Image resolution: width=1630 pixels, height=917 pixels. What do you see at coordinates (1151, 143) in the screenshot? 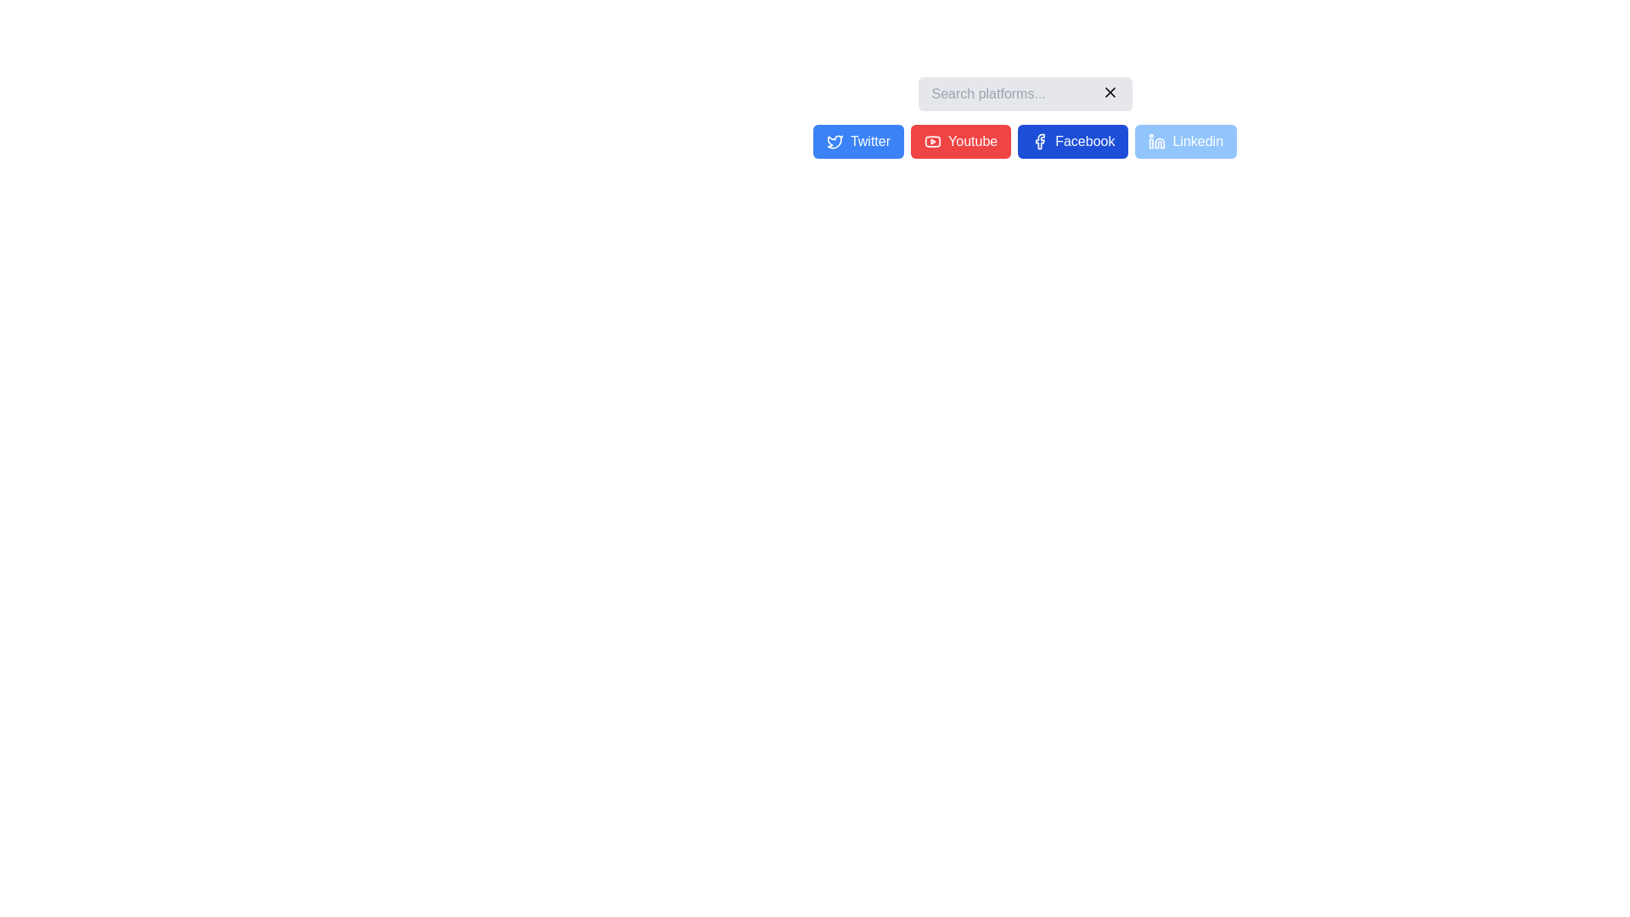
I see `the middle SVG rectangle of the LinkedIn logo, which is positioned on the right side of the page as part of the icon's design` at bounding box center [1151, 143].